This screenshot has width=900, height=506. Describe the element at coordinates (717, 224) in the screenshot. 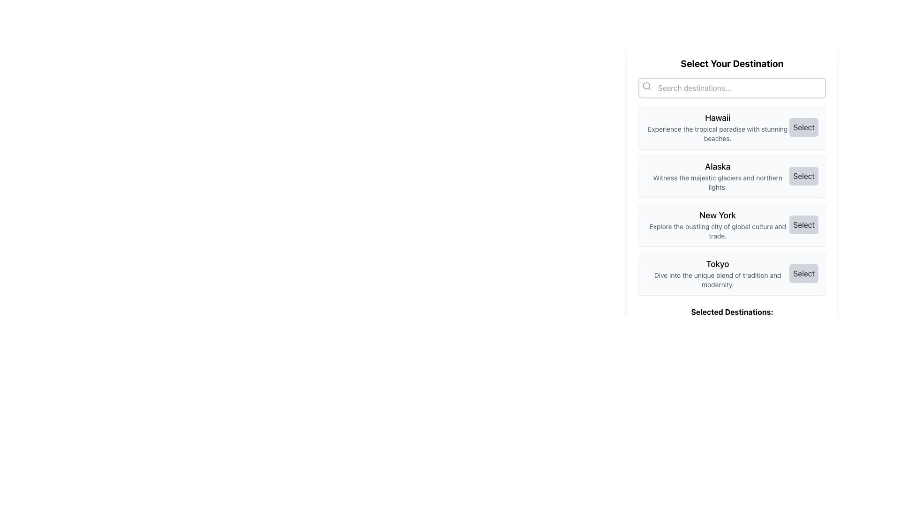

I see `the informational text block about 'New York' located in the 'Select Your Destination' section, which is situated in the third row between 'Alaska' and 'Tokyo'` at that location.